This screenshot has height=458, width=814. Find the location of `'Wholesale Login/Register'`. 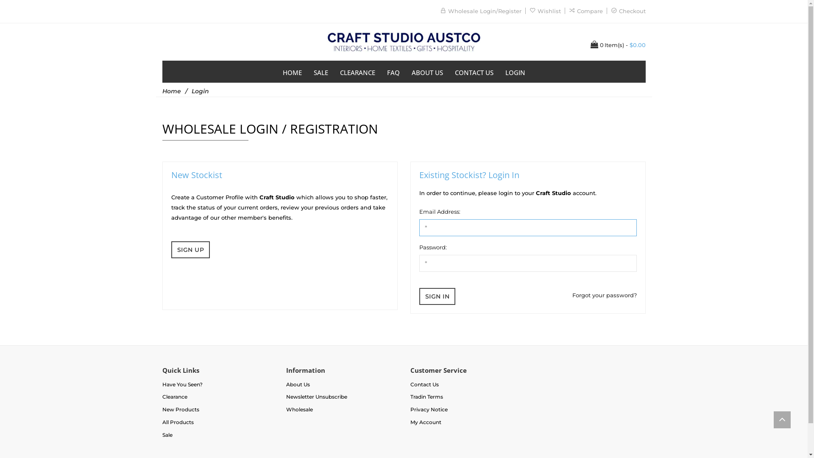

'Wholesale Login/Register' is located at coordinates (447, 11).